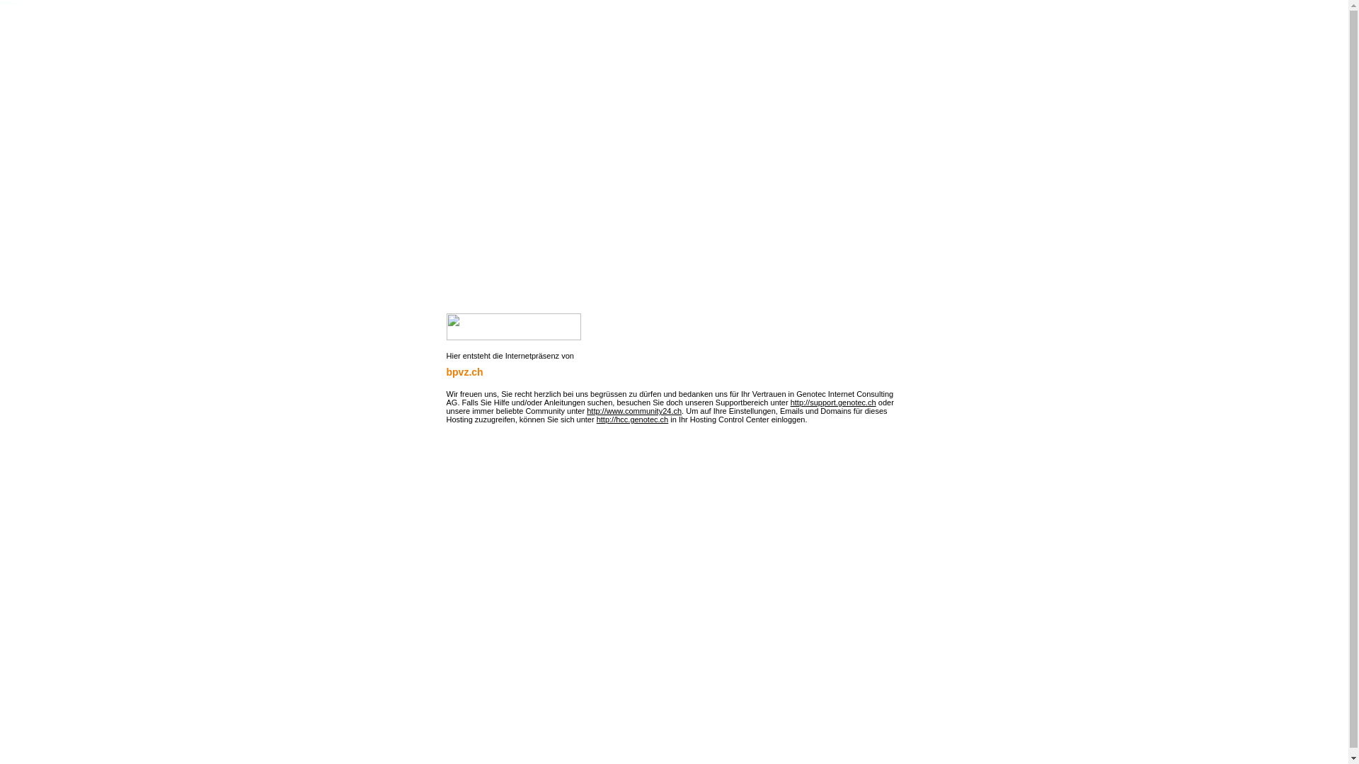 Image resolution: width=1359 pixels, height=764 pixels. What do you see at coordinates (631, 419) in the screenshot?
I see `'http://hcc.genotec.ch'` at bounding box center [631, 419].